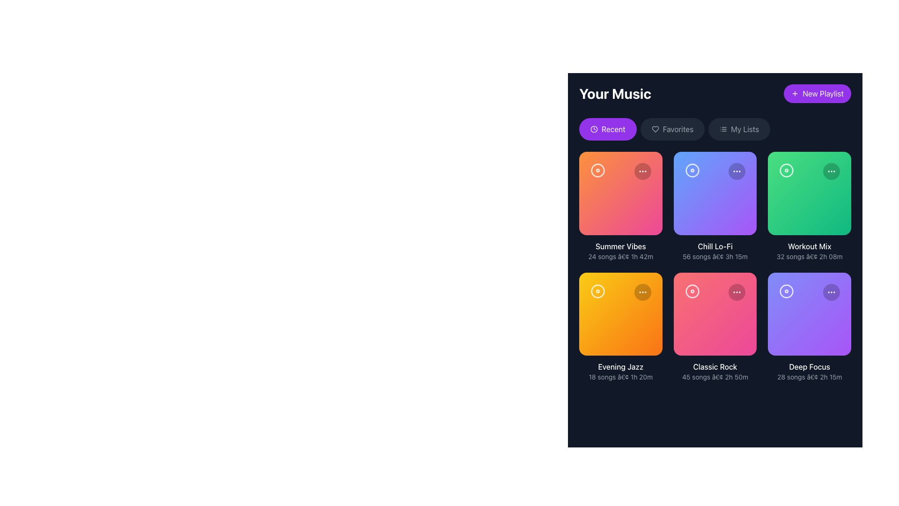 The width and height of the screenshot is (899, 506). I want to click on the 'Favorites' button text label within the navigation bar, so click(678, 129).